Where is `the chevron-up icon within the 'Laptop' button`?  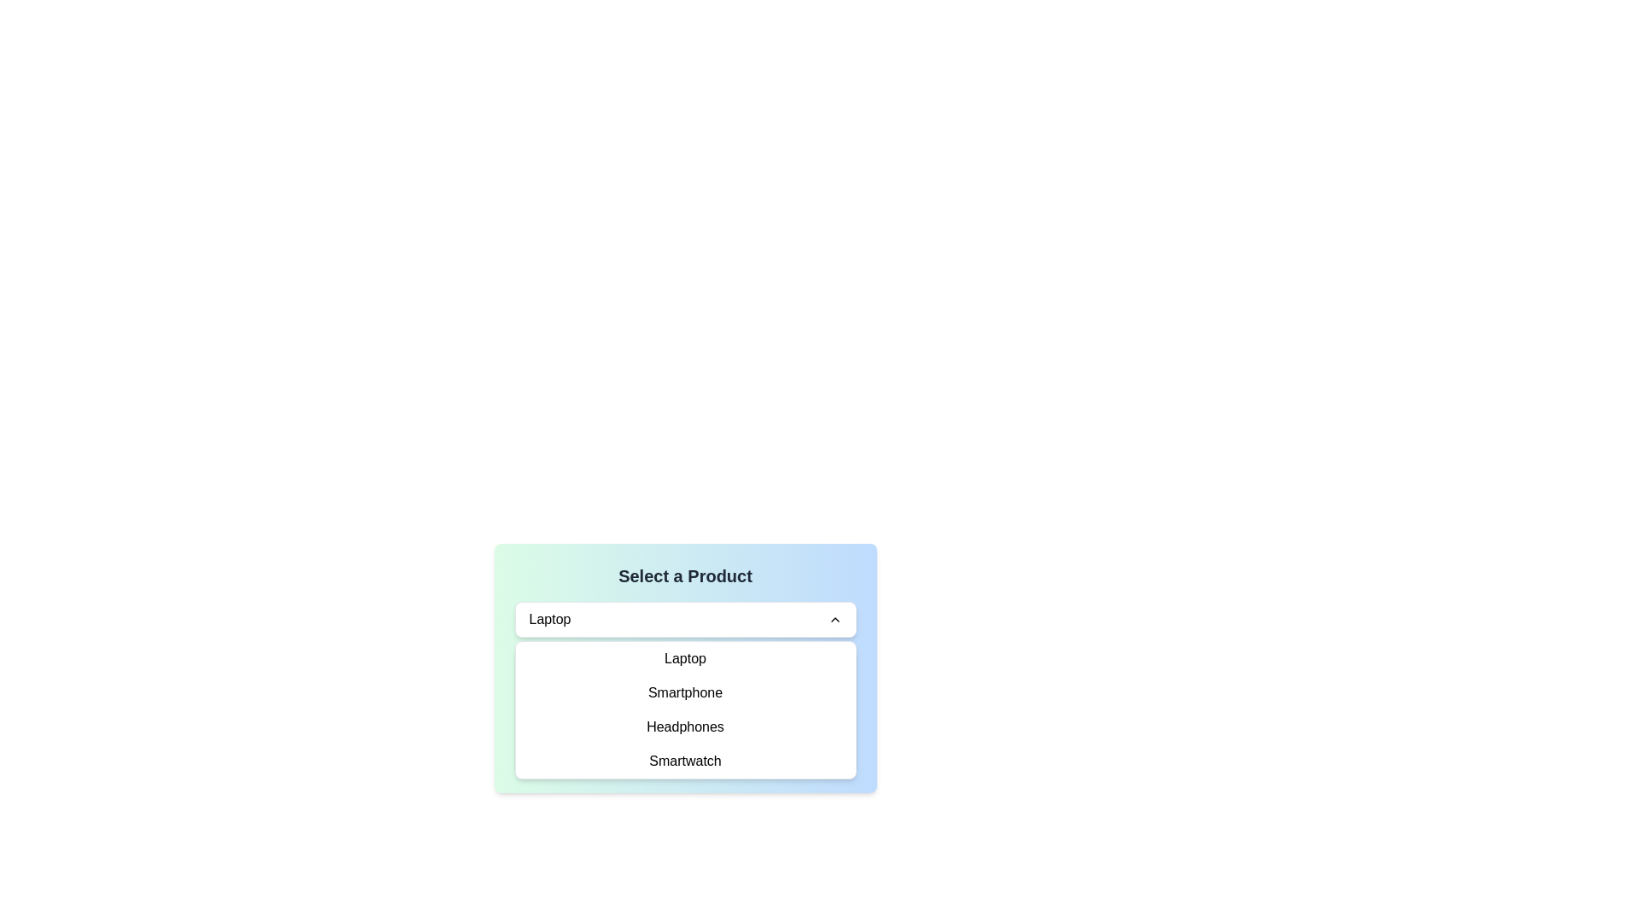 the chevron-up icon within the 'Laptop' button is located at coordinates (835, 619).